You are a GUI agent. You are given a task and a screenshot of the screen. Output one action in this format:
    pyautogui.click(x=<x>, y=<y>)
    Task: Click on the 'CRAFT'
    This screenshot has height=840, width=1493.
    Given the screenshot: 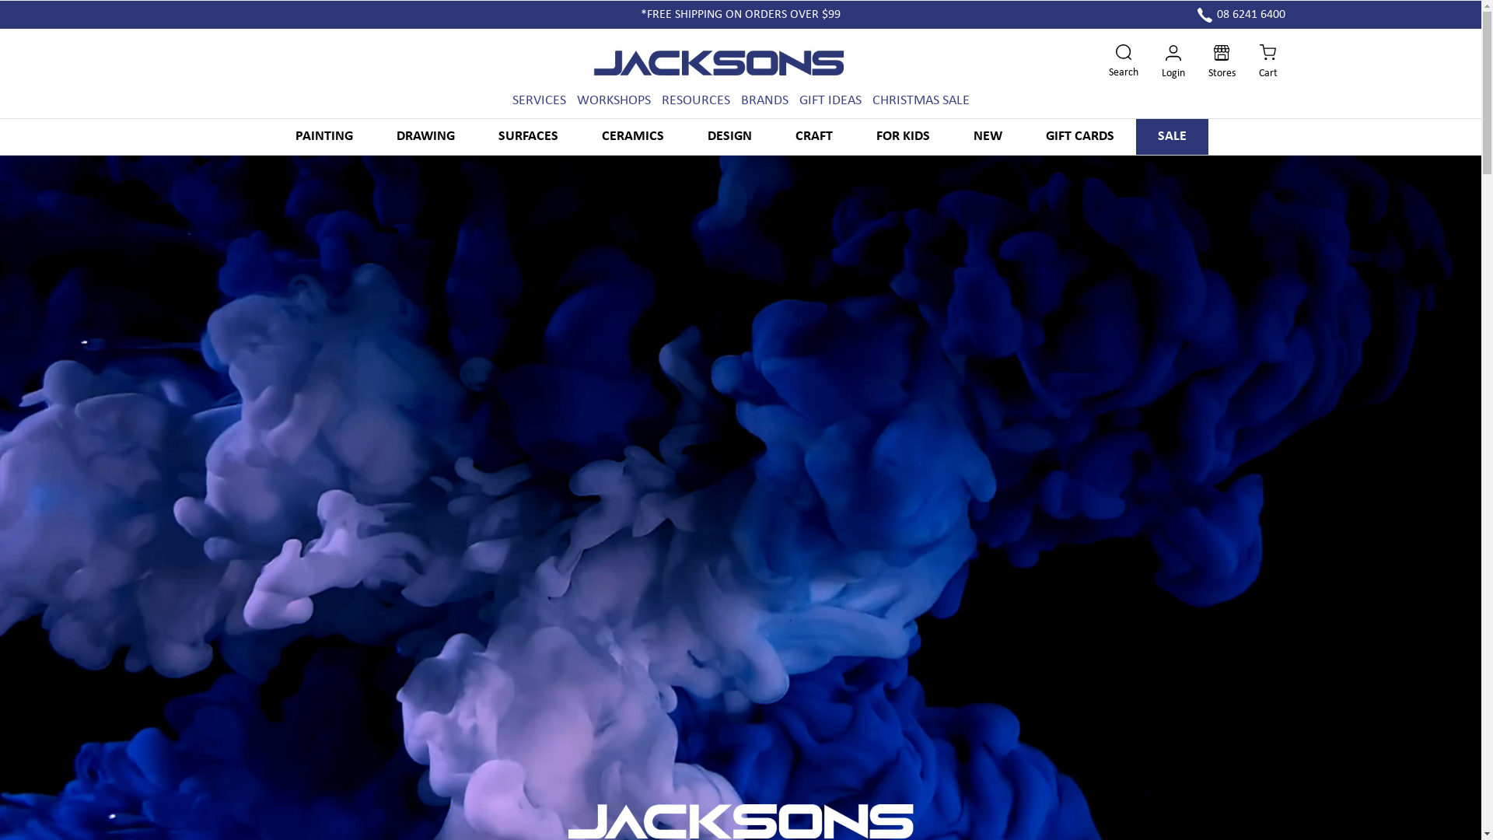 What is the action you would take?
    pyautogui.click(x=813, y=136)
    